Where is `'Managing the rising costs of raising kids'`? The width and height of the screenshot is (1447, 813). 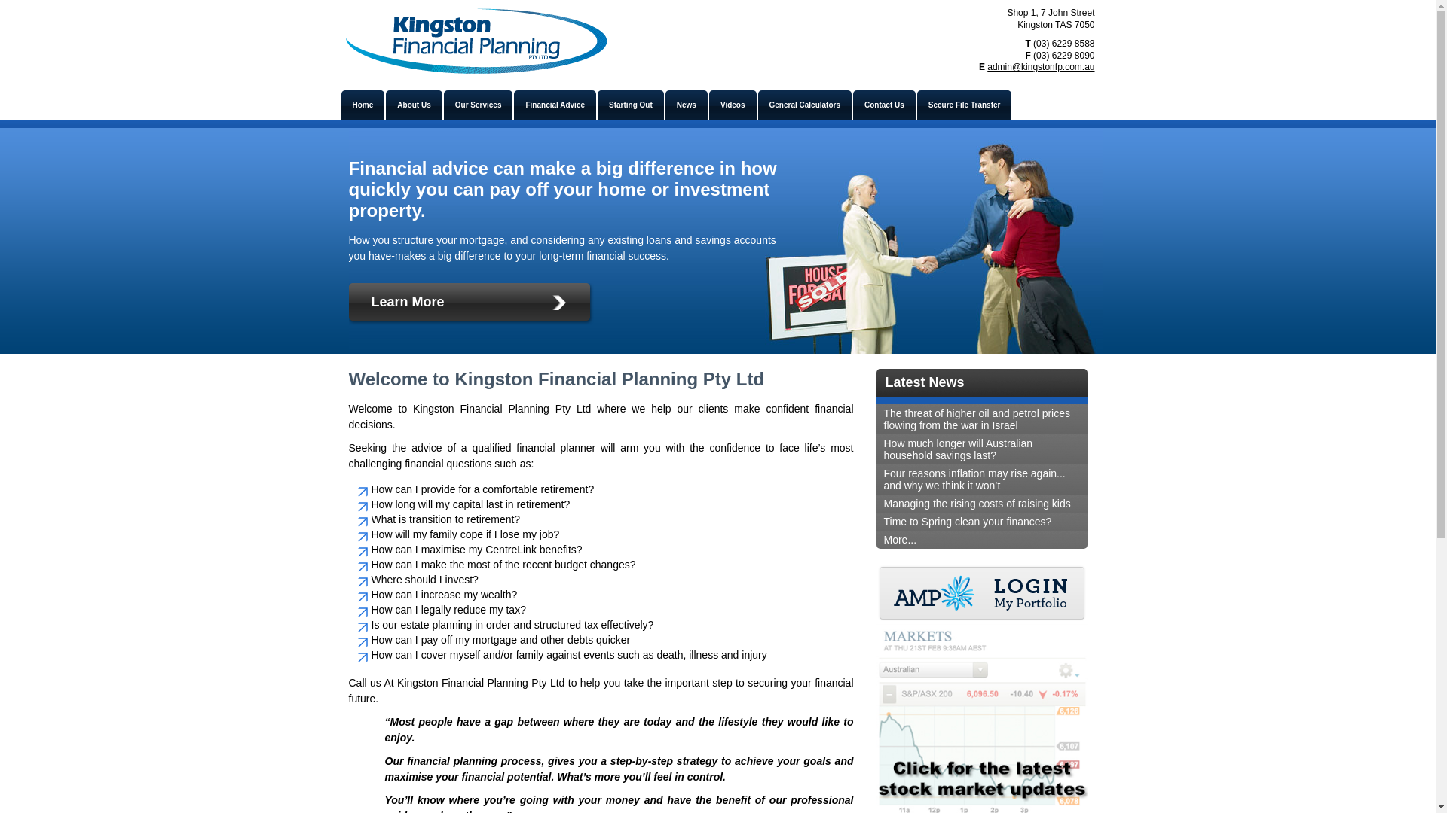
'Managing the rising costs of raising kids' is located at coordinates (980, 503).